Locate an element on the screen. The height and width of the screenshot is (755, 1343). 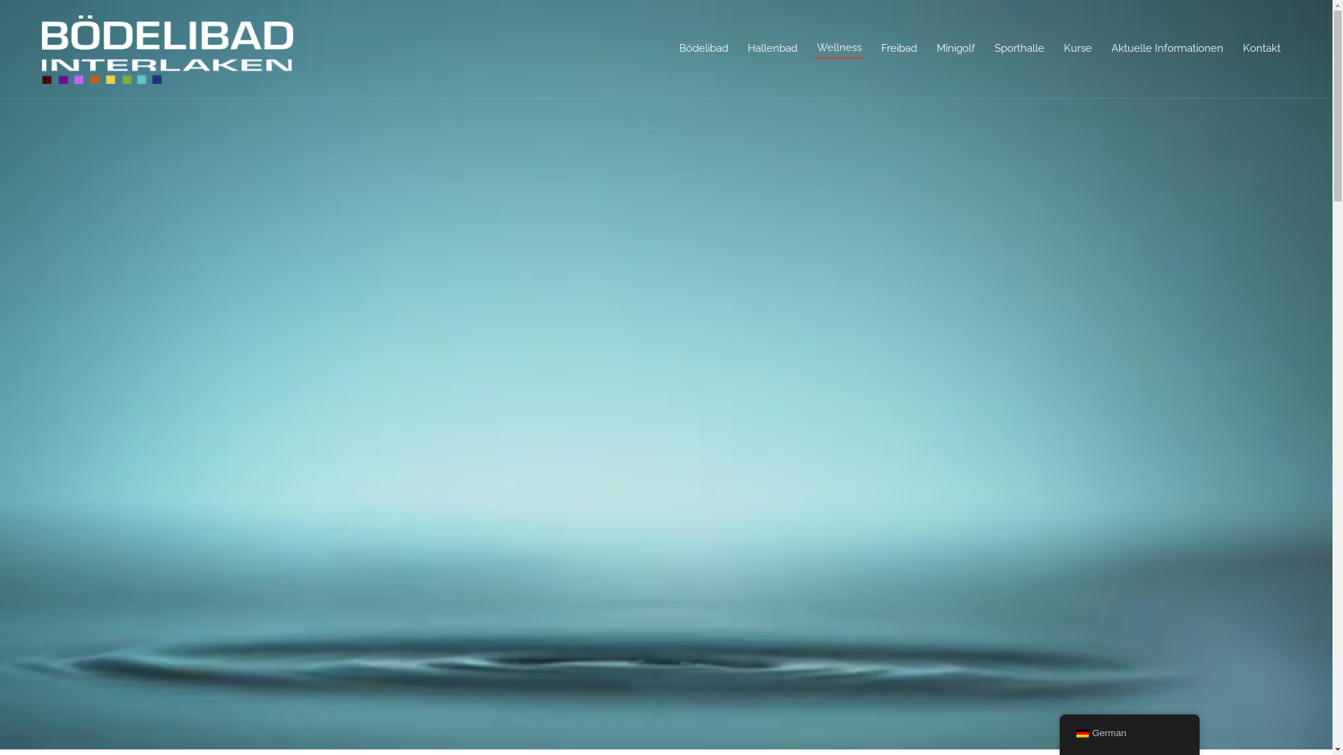
'German' is located at coordinates (1128, 733).